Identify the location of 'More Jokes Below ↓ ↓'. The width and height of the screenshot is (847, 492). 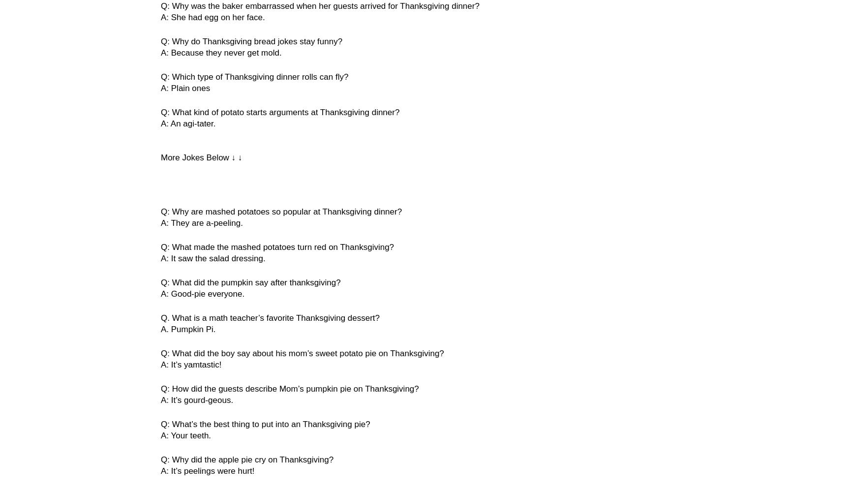
(160, 157).